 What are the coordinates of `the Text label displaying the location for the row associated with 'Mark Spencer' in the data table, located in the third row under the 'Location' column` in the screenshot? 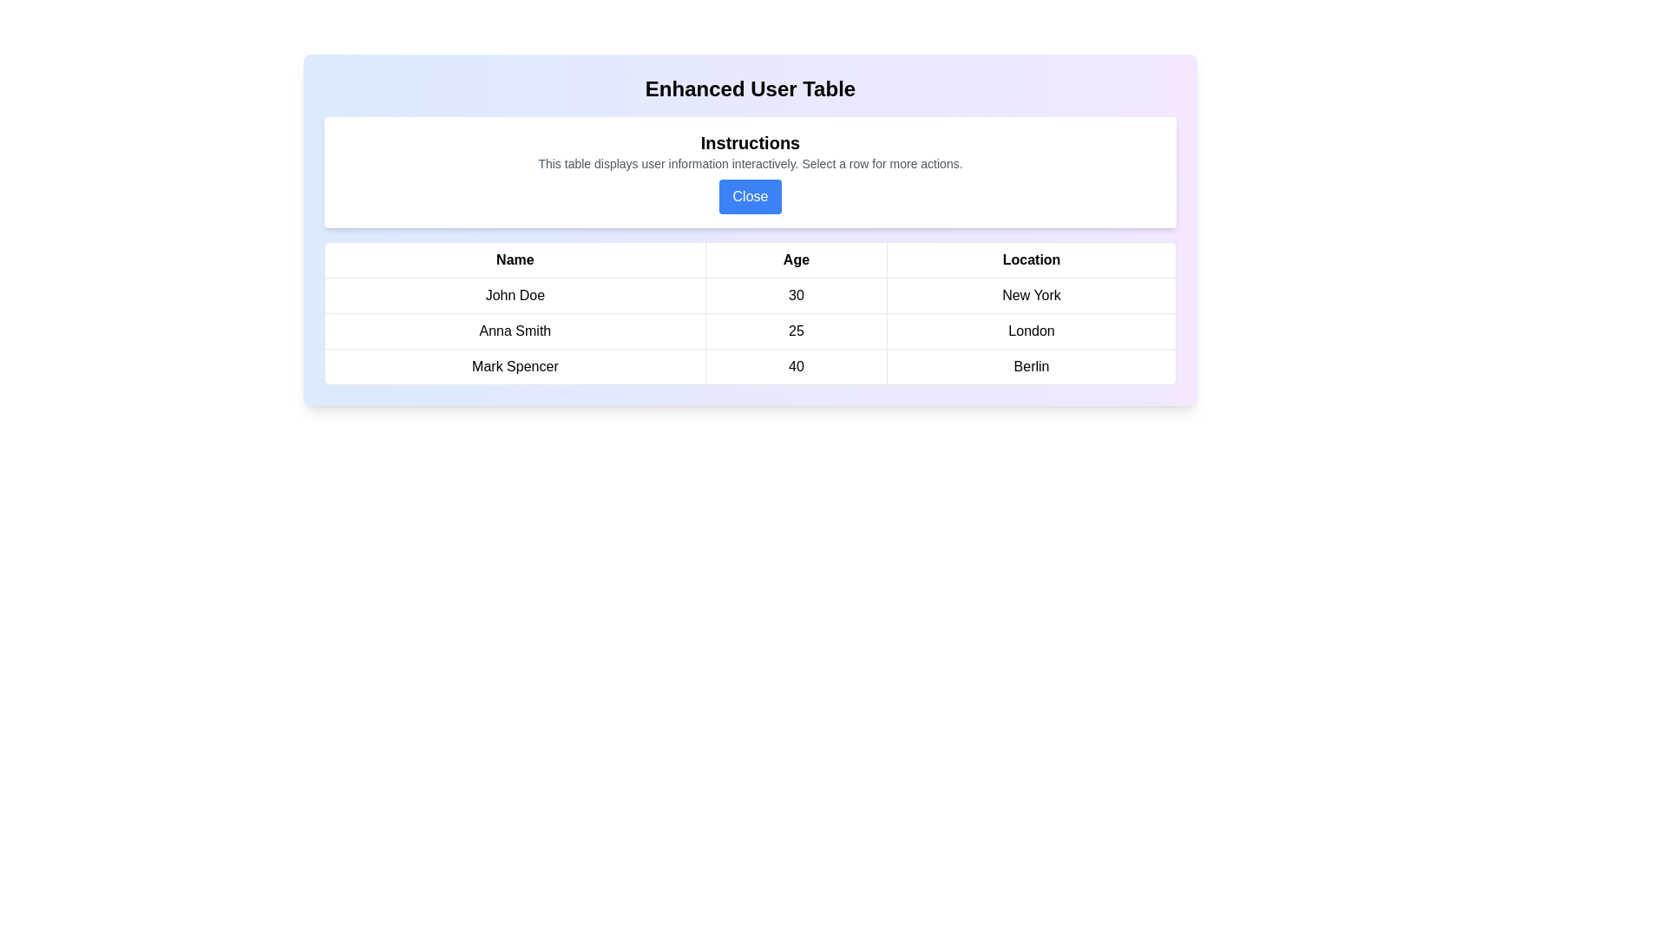 It's located at (1032, 366).